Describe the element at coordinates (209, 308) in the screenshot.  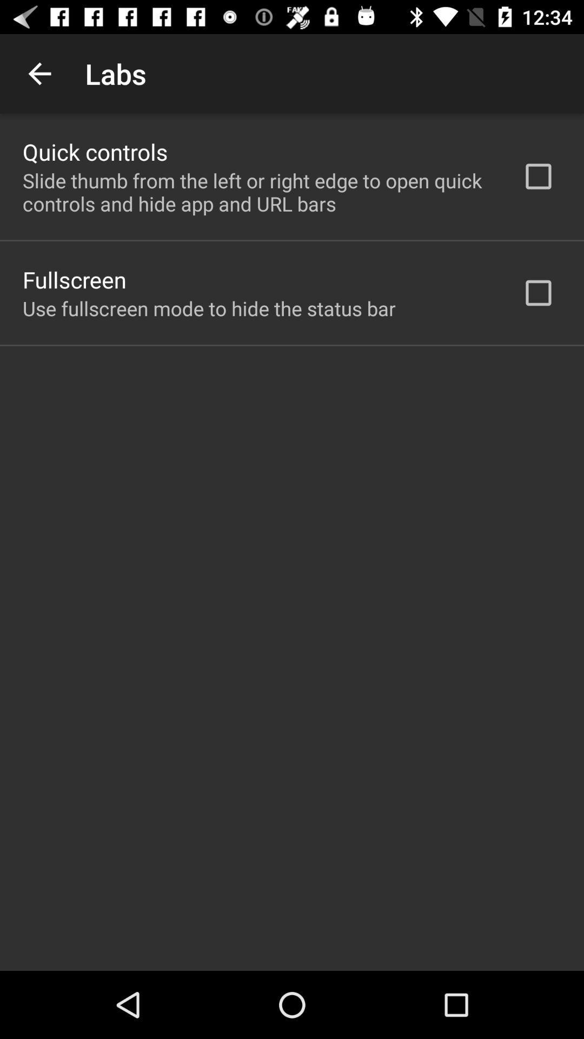
I see `item below fullscreen app` at that location.